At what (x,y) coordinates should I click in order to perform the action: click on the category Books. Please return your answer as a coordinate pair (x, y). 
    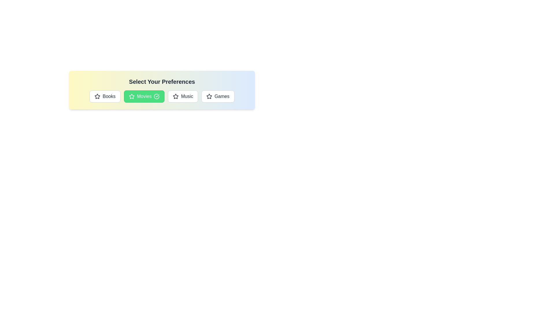
    Looking at the image, I should click on (105, 96).